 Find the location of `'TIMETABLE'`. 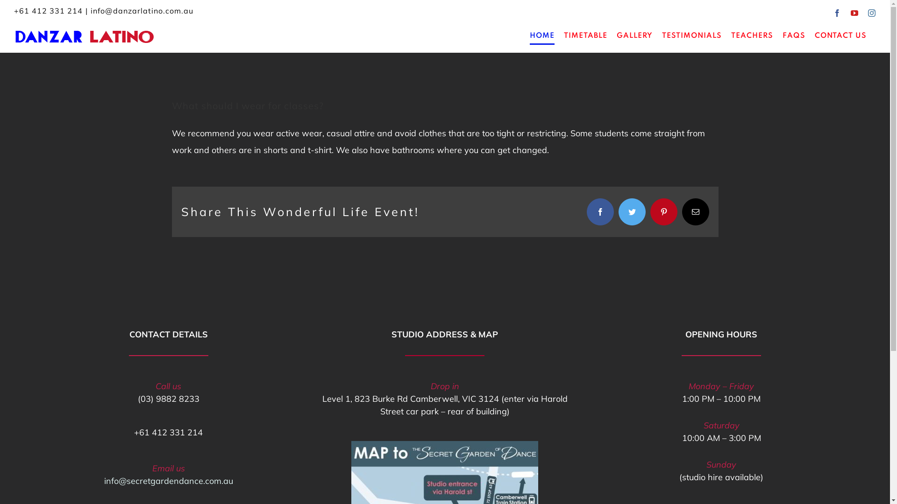

'TIMETABLE' is located at coordinates (585, 35).